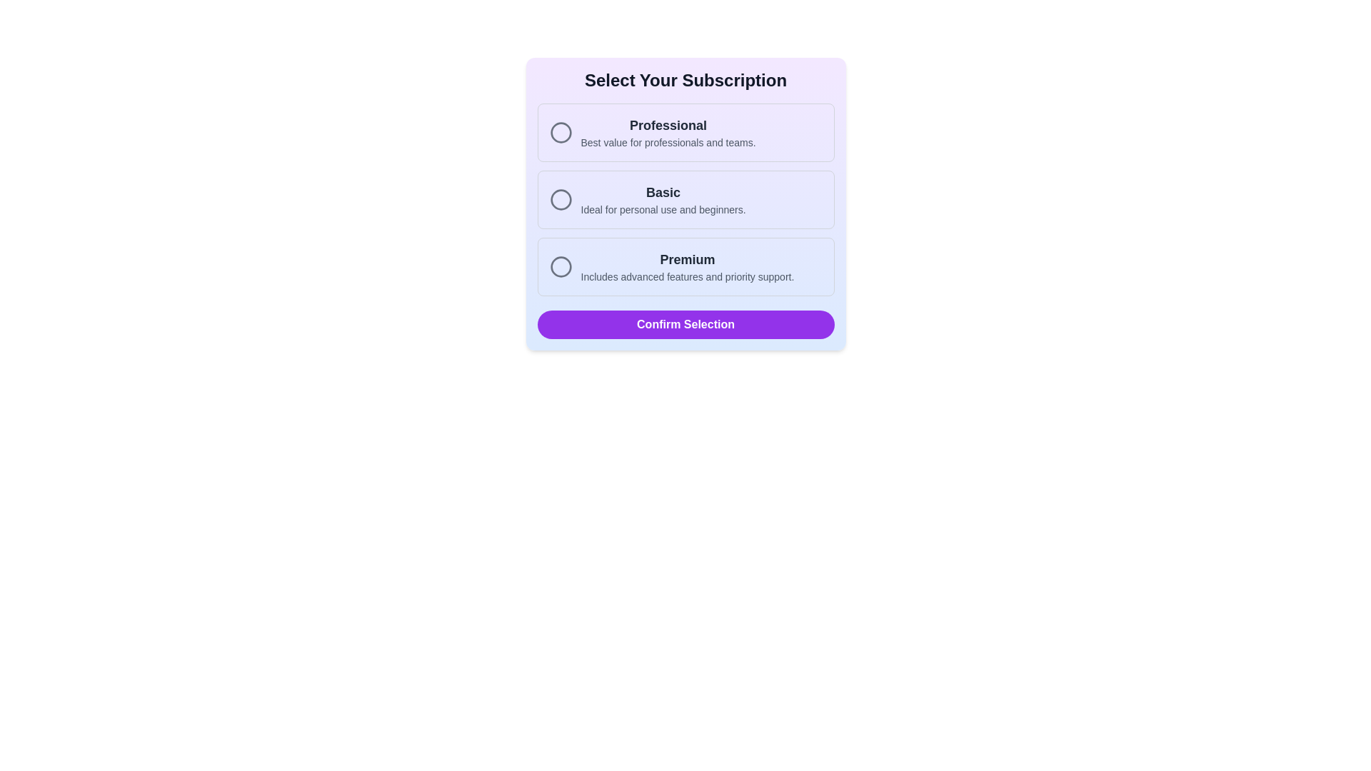  I want to click on the 'Professional' text label element, which is bold and dark gray, located above the subtitle 'Best value for professionals and teams.', so click(668, 125).